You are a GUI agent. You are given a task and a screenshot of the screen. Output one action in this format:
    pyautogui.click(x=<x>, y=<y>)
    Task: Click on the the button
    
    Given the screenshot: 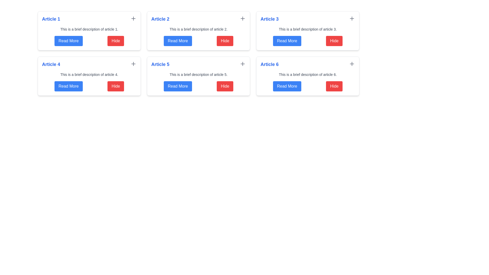 What is the action you would take?
    pyautogui.click(x=287, y=41)
    